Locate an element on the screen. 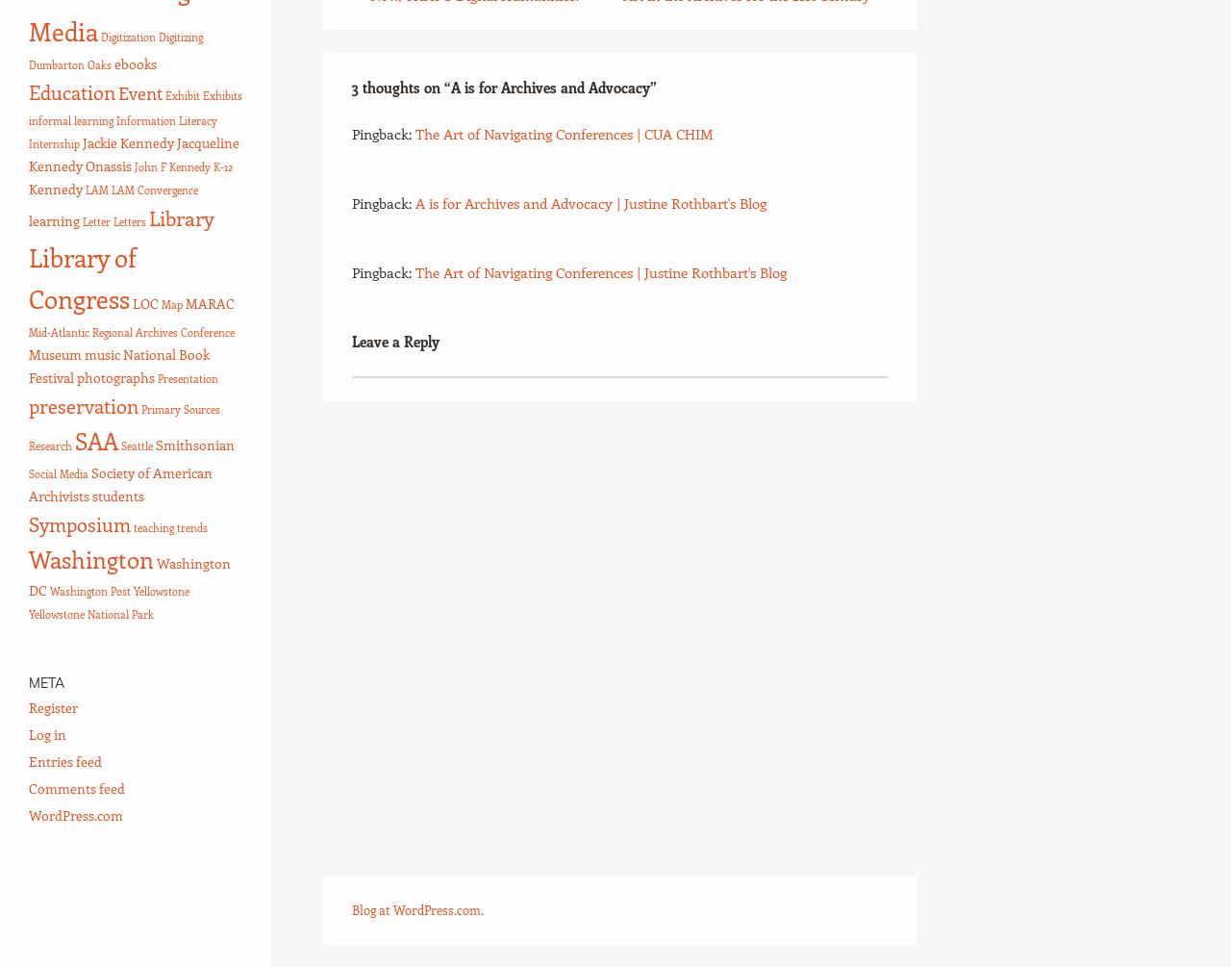 Image resolution: width=1231 pixels, height=967 pixels. 'Washington Post' is located at coordinates (88, 590).